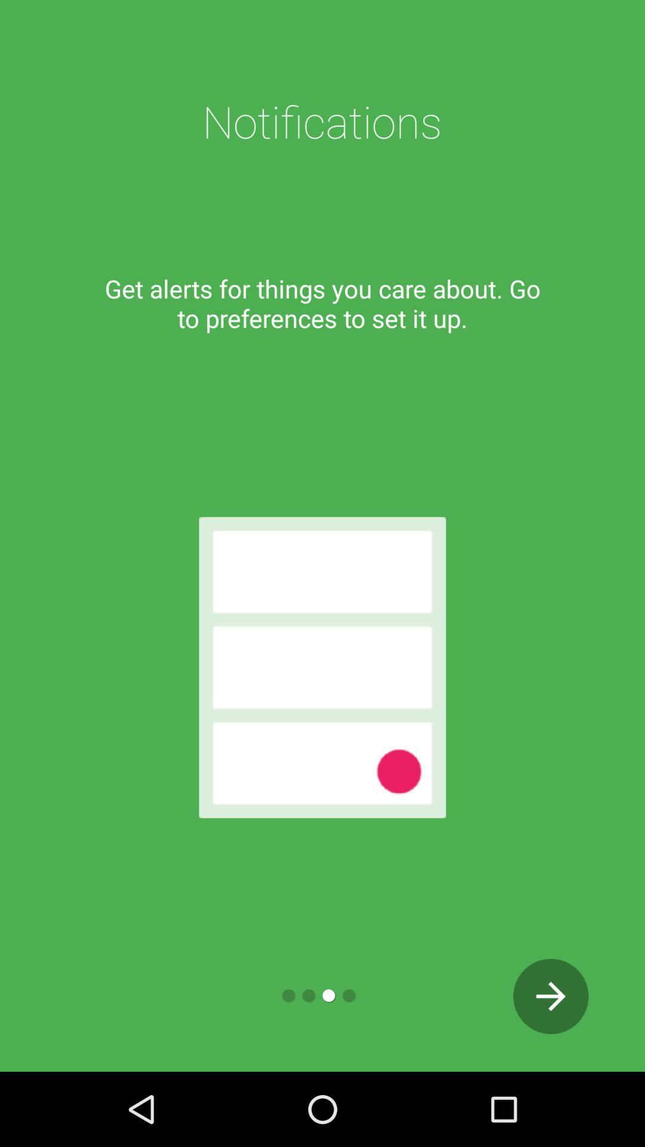  Describe the element at coordinates (551, 996) in the screenshot. I see `the arrow_forward icon` at that location.